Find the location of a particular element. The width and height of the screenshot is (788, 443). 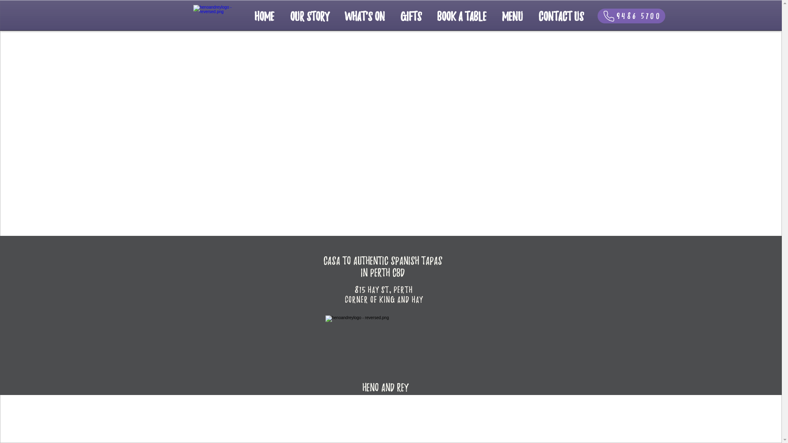

'WHAT'S ON' is located at coordinates (364, 16).